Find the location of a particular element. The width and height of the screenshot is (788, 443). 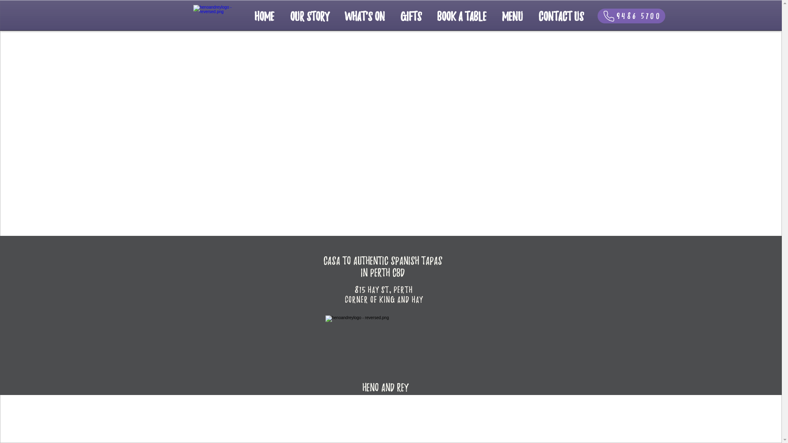

'WHAT'S ON' is located at coordinates (364, 16).